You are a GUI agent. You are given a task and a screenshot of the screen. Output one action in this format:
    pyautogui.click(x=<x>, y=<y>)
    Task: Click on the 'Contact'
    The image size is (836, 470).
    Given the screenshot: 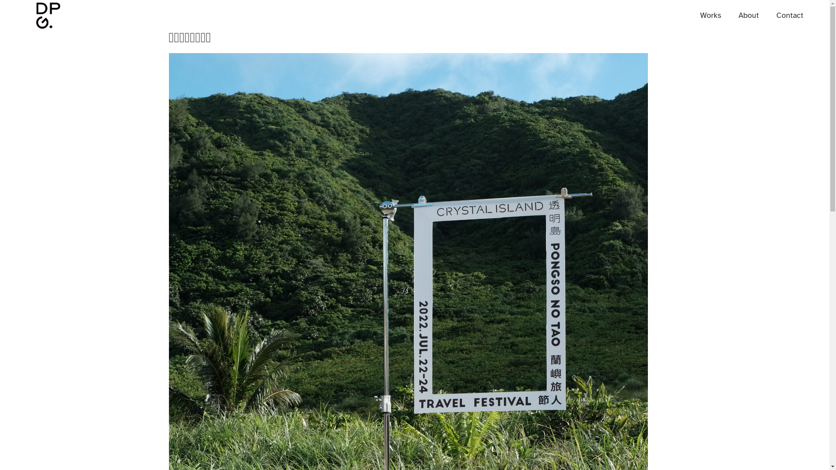 What is the action you would take?
    pyautogui.click(x=790, y=15)
    